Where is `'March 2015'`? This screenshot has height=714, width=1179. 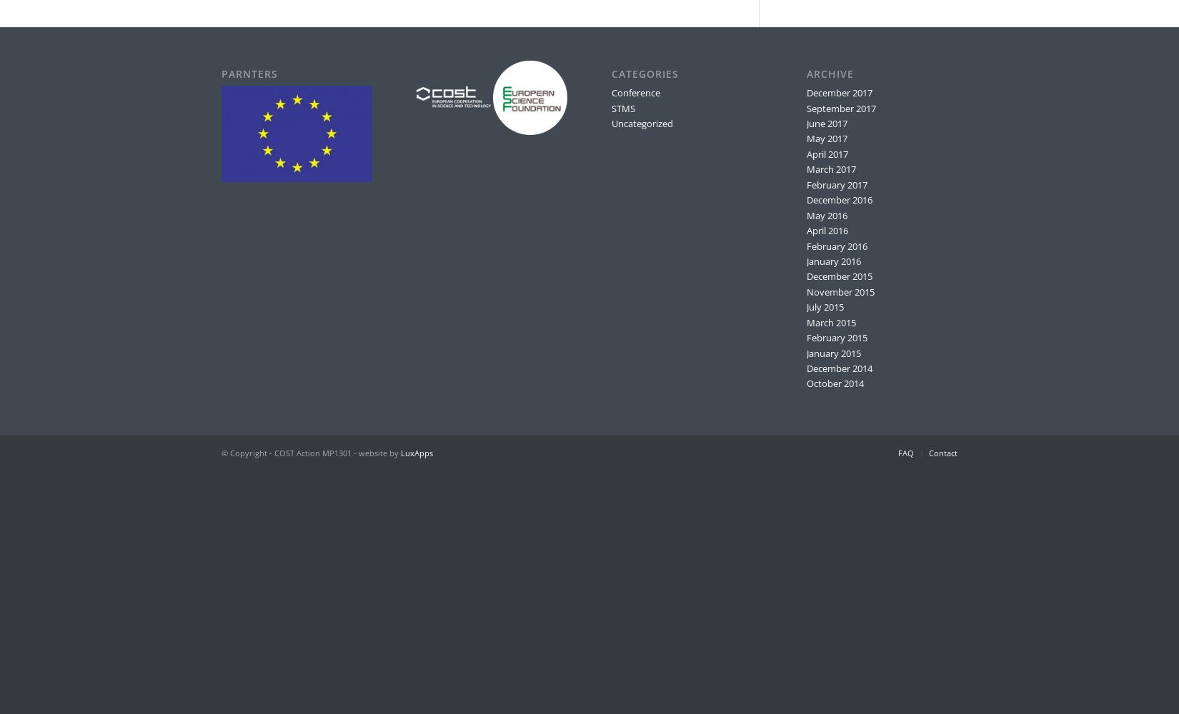 'March 2015' is located at coordinates (830, 321).